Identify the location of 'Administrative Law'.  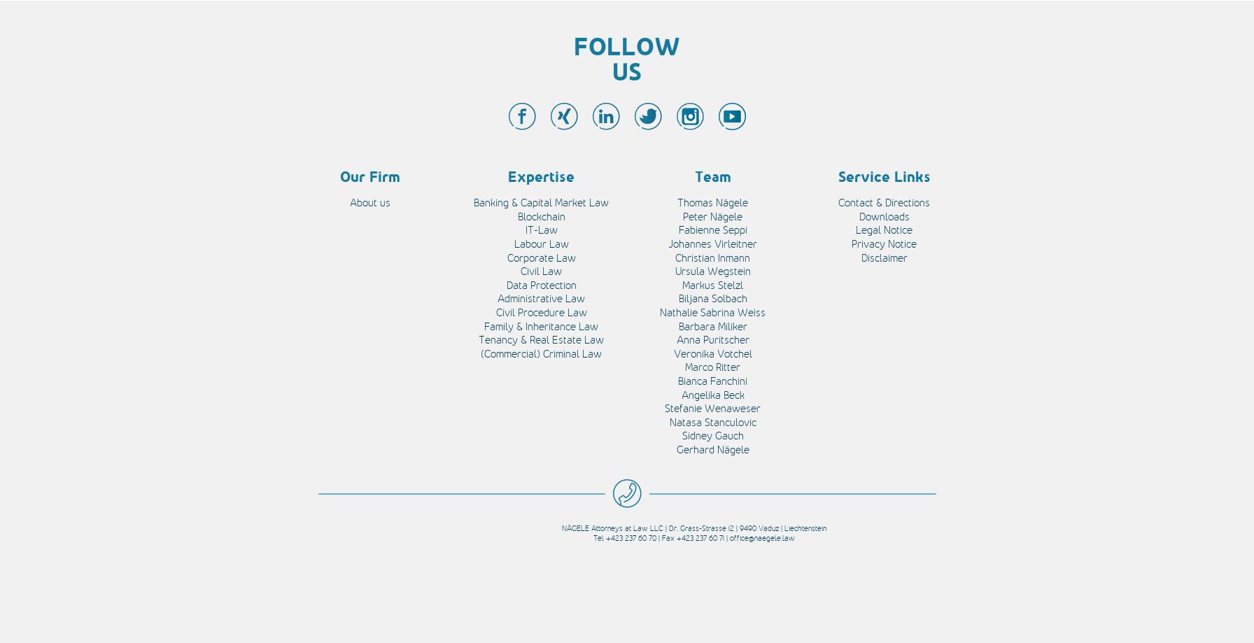
(541, 298).